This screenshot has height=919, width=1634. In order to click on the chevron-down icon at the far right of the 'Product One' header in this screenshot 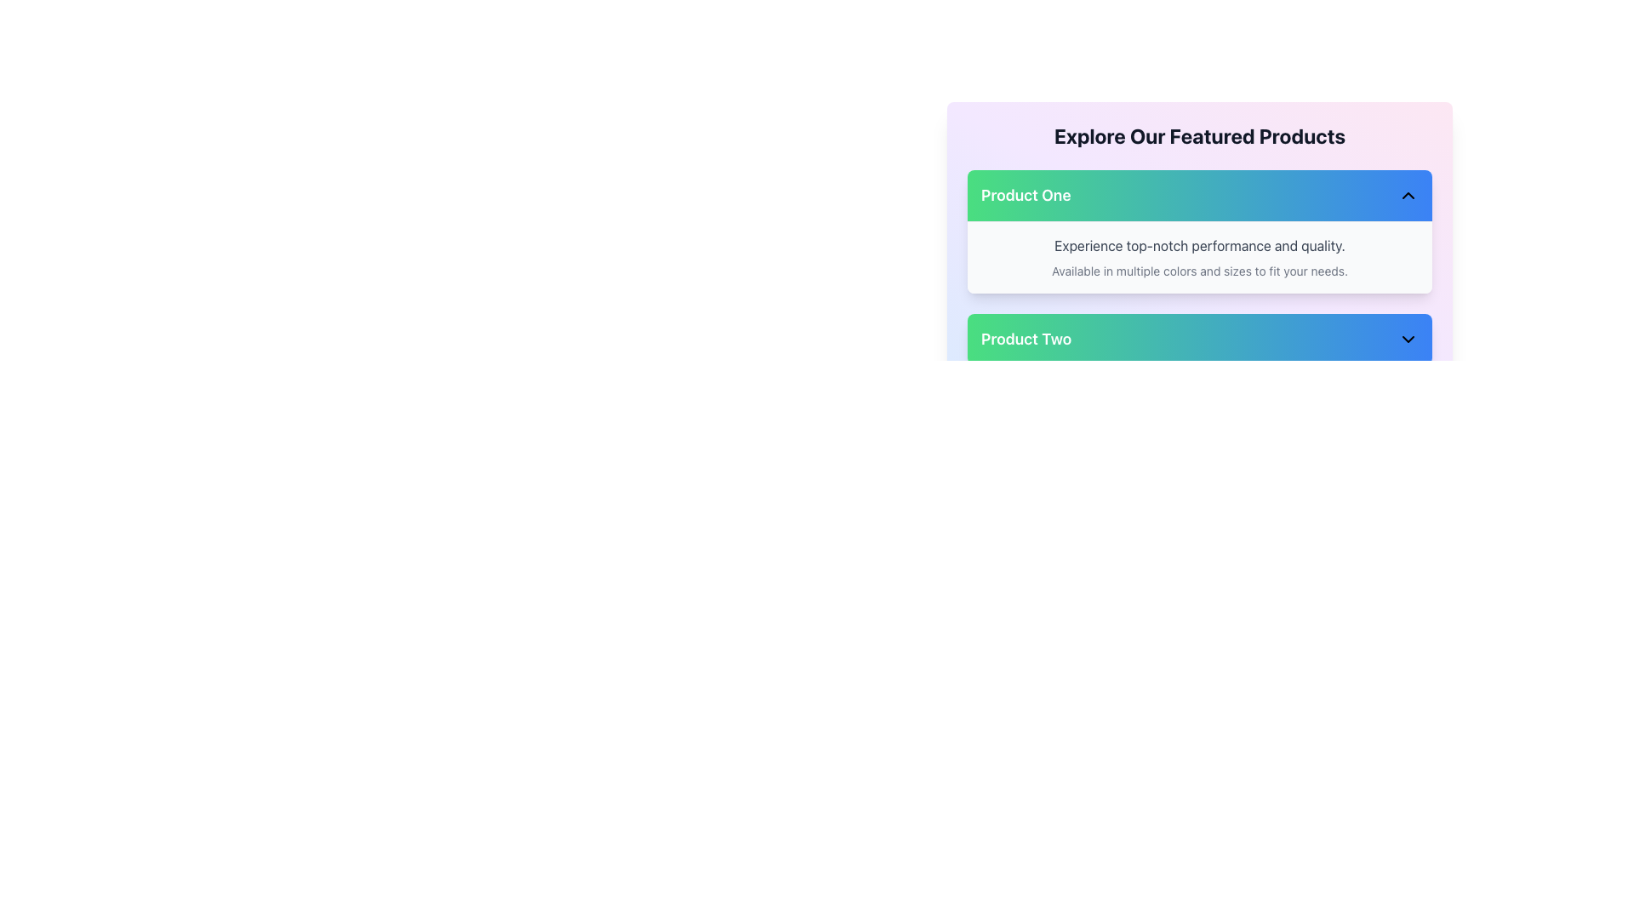, I will do `click(1408, 195)`.